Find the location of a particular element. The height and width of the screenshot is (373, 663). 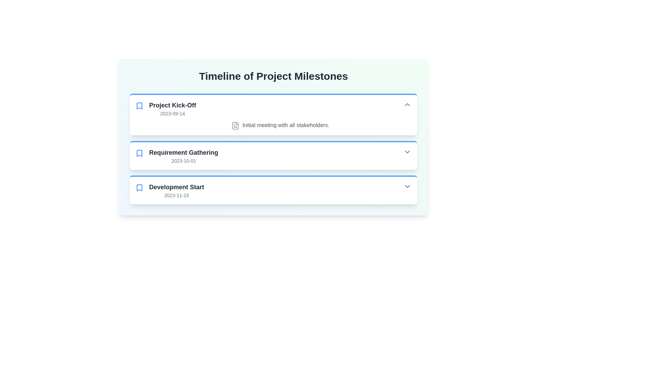

title and date displayed in the text label of the first milestone card located at the left region of the card is located at coordinates (172, 109).